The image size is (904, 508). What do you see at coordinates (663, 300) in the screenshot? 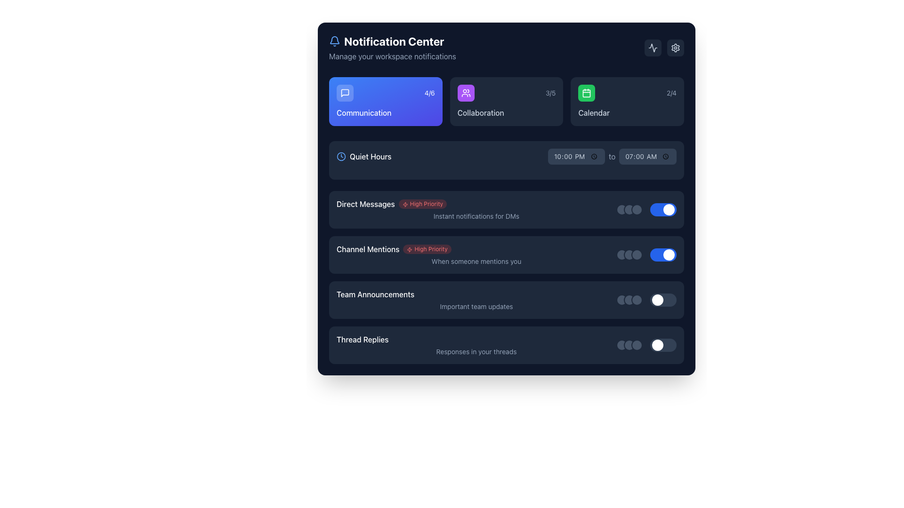
I see `the dark-themed toggle switch located under the 'Team Announcements' section` at bounding box center [663, 300].